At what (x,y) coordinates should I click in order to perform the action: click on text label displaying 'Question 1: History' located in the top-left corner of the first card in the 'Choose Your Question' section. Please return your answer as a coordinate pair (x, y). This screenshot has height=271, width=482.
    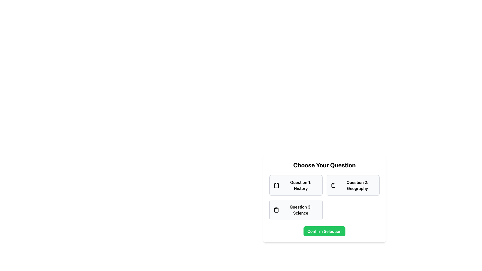
    Looking at the image, I should click on (301, 185).